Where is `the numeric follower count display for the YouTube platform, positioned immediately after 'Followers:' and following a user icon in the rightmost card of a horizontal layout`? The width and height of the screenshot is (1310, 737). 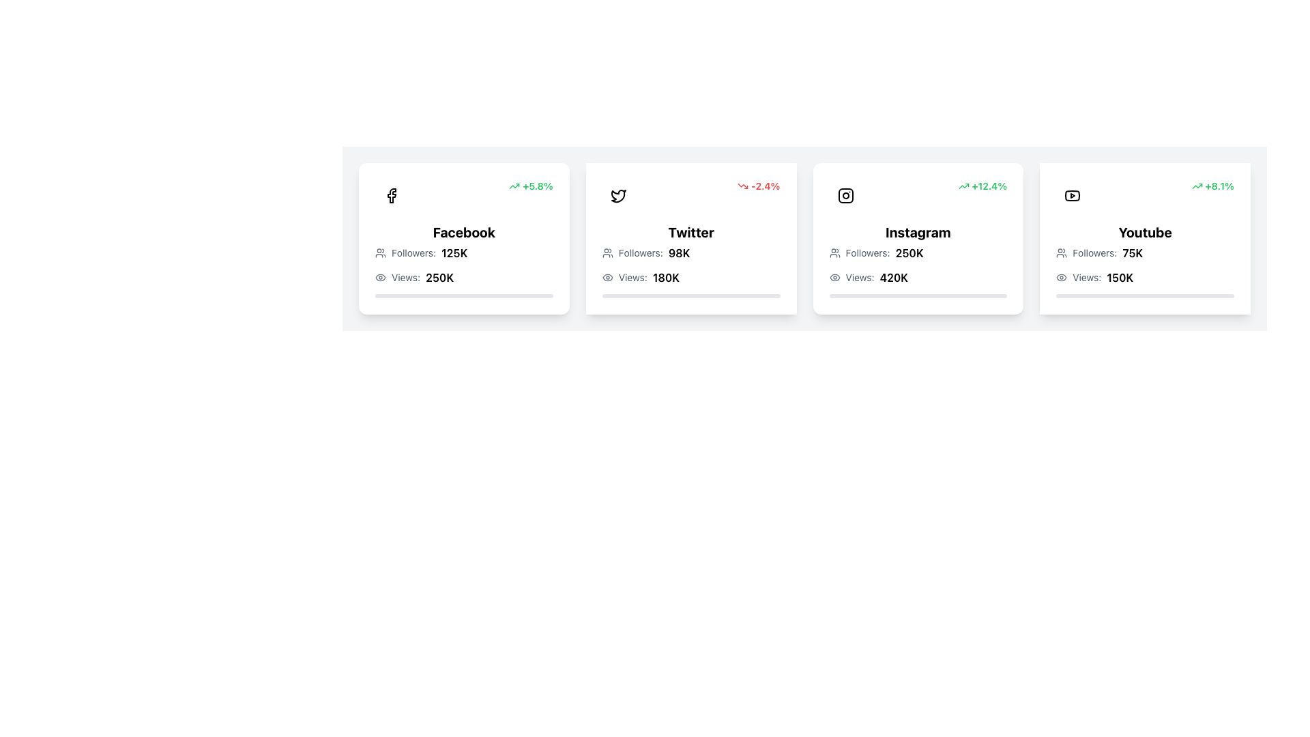 the numeric follower count display for the YouTube platform, positioned immediately after 'Followers:' and following a user icon in the rightmost card of a horizontal layout is located at coordinates (1133, 252).